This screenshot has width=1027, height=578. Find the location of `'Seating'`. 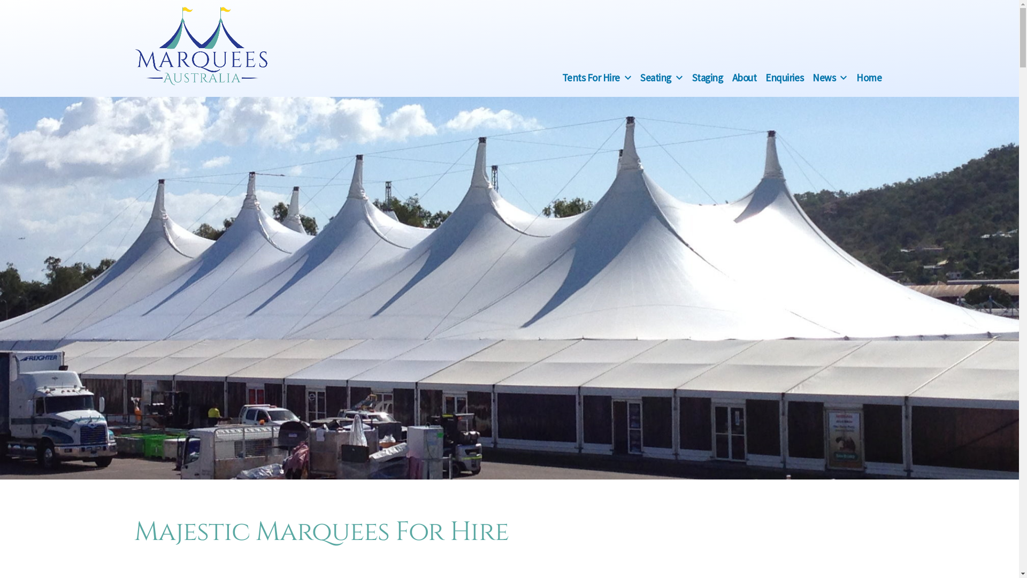

'Seating' is located at coordinates (655, 76).